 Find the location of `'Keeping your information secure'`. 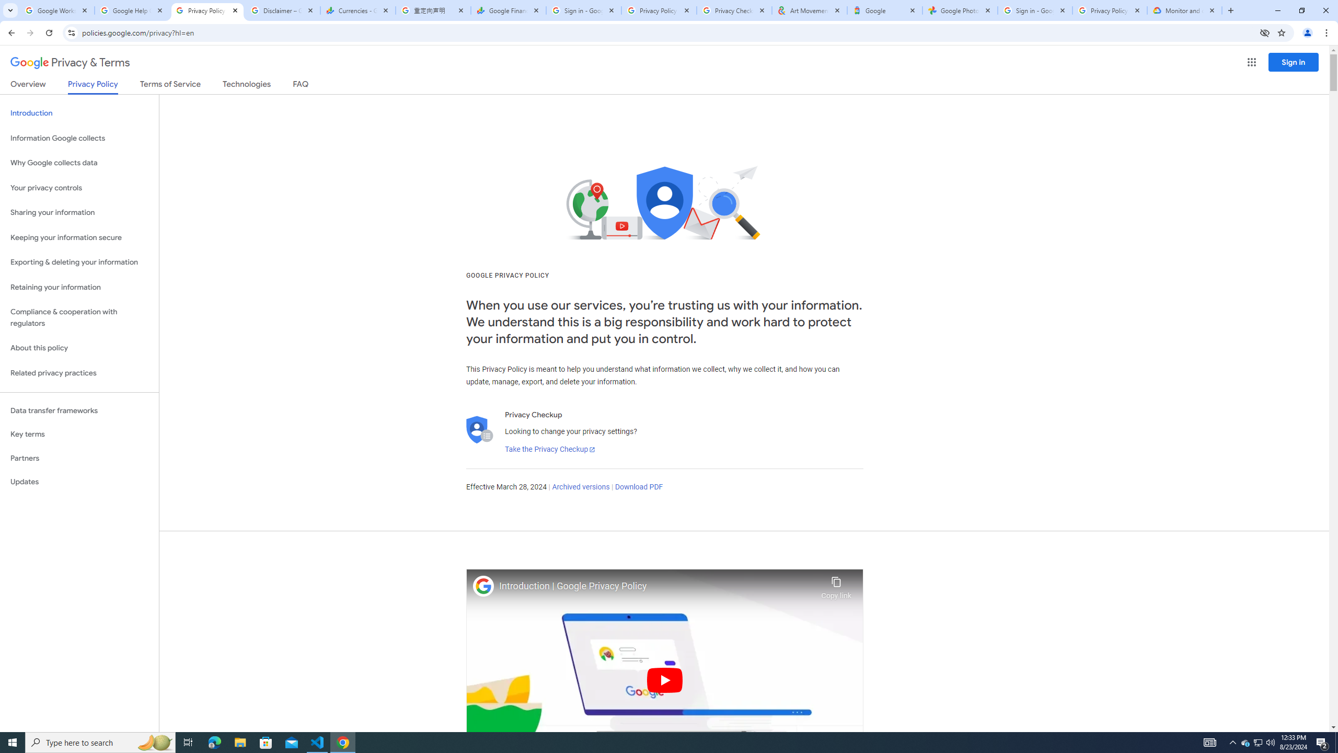

'Keeping your information secure' is located at coordinates (79, 238).